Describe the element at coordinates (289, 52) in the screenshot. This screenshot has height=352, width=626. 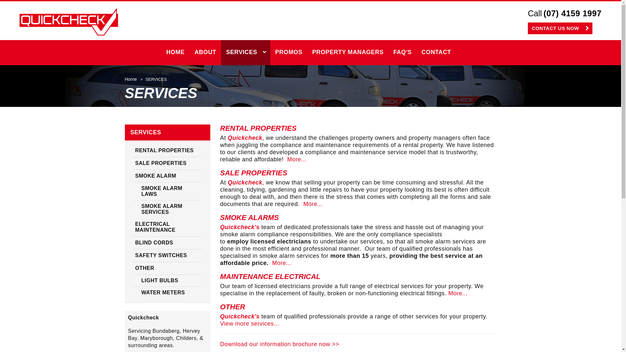
I see `'PROMOS'` at that location.